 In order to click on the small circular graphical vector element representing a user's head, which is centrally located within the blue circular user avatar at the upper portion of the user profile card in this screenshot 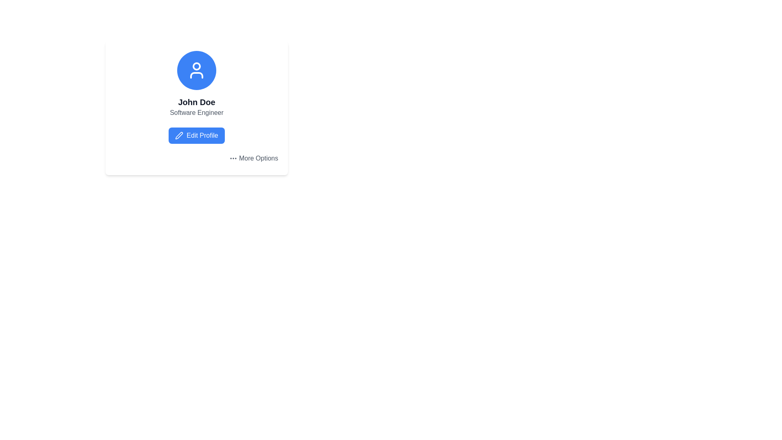, I will do `click(197, 66)`.